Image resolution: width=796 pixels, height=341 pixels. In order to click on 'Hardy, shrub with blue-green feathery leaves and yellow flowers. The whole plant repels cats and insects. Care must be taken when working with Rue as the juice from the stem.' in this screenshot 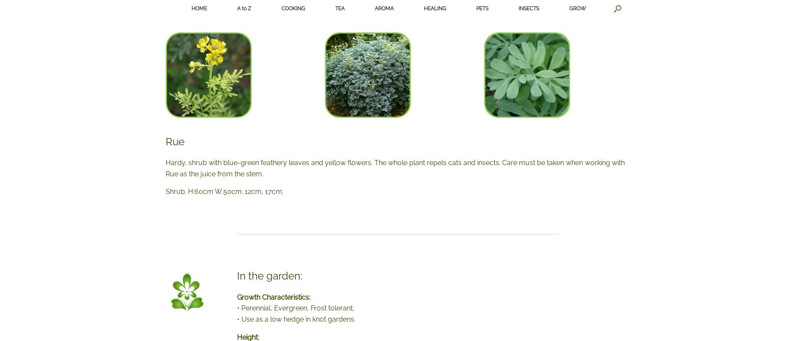, I will do `click(165, 168)`.